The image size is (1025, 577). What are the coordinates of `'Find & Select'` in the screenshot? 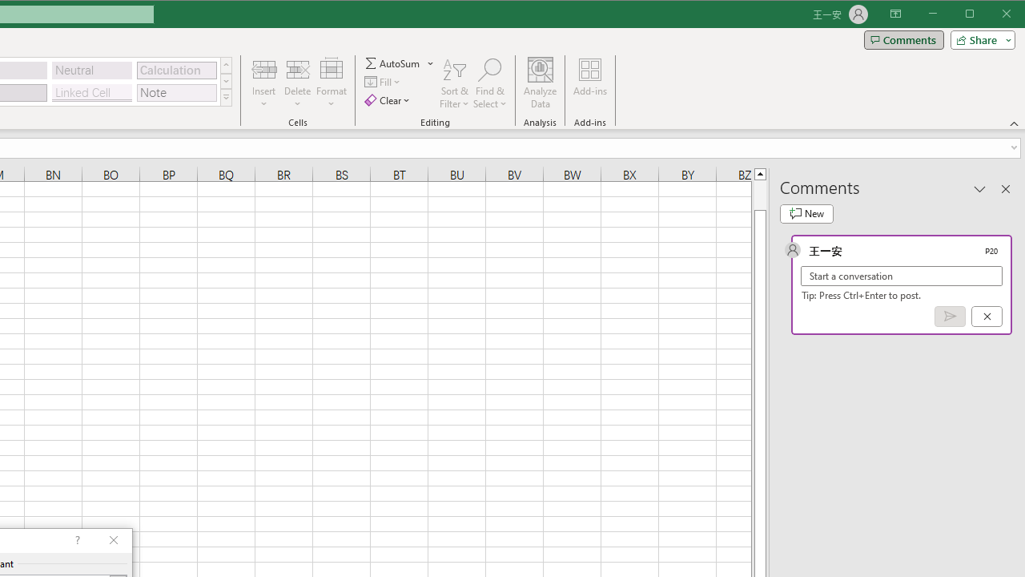 It's located at (489, 83).